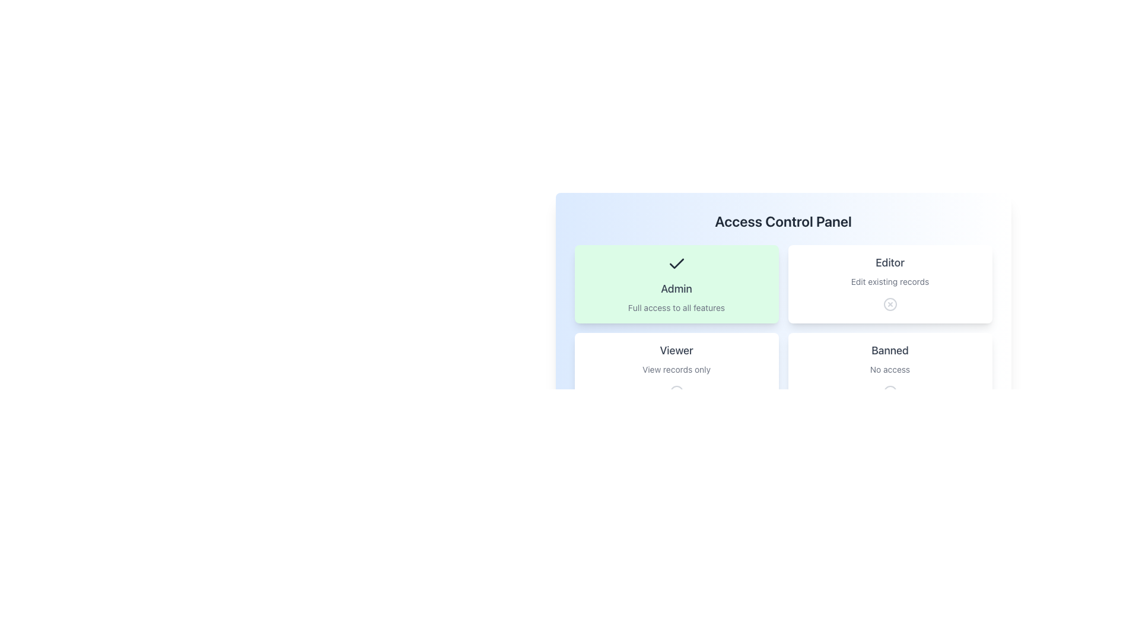 The image size is (1139, 641). I want to click on the text description located beneath the 'Viewer' title within the card labeled 'Viewer', so click(676, 369).